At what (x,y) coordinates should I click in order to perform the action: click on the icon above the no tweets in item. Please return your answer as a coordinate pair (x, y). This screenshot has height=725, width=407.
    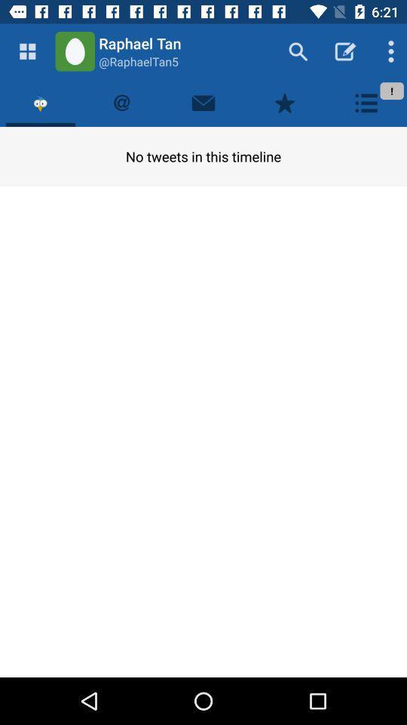
    Looking at the image, I should click on (121, 102).